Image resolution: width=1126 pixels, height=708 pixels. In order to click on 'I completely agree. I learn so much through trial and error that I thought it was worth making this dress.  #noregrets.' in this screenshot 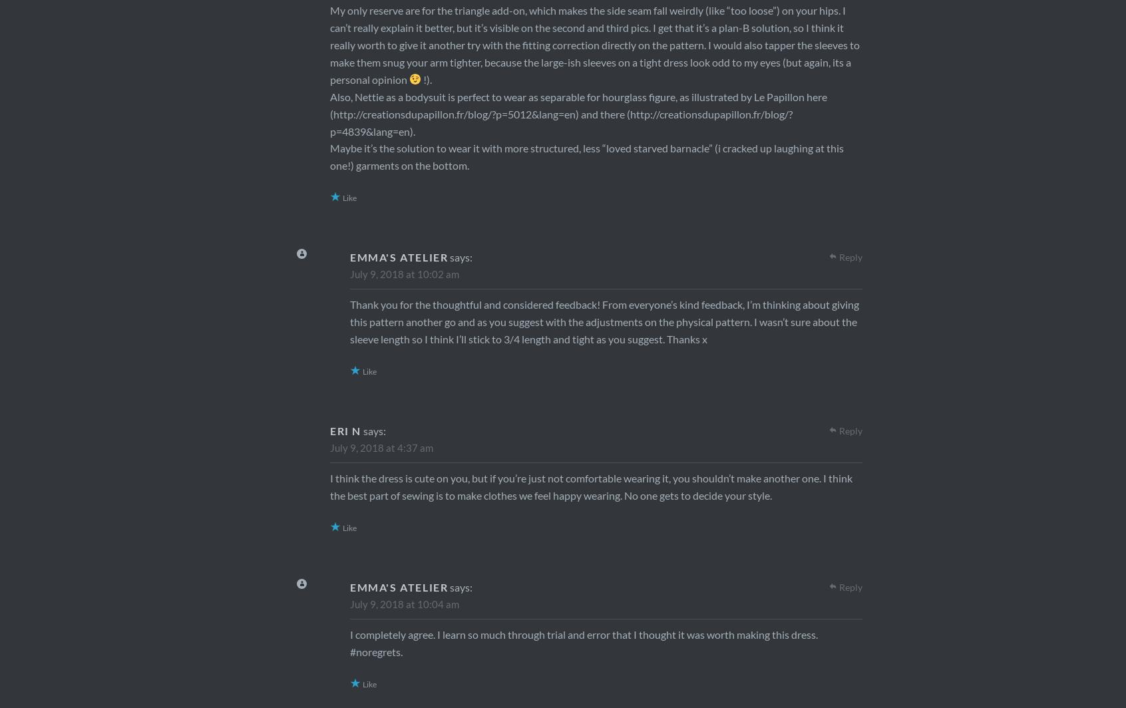, I will do `click(583, 643)`.